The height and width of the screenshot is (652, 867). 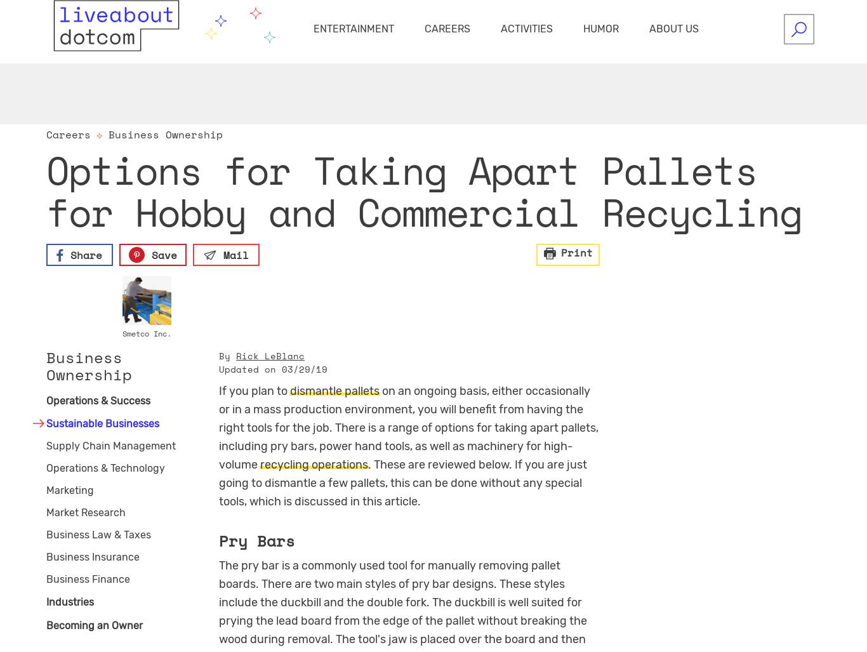 What do you see at coordinates (256, 540) in the screenshot?
I see `'Pry Bars'` at bounding box center [256, 540].